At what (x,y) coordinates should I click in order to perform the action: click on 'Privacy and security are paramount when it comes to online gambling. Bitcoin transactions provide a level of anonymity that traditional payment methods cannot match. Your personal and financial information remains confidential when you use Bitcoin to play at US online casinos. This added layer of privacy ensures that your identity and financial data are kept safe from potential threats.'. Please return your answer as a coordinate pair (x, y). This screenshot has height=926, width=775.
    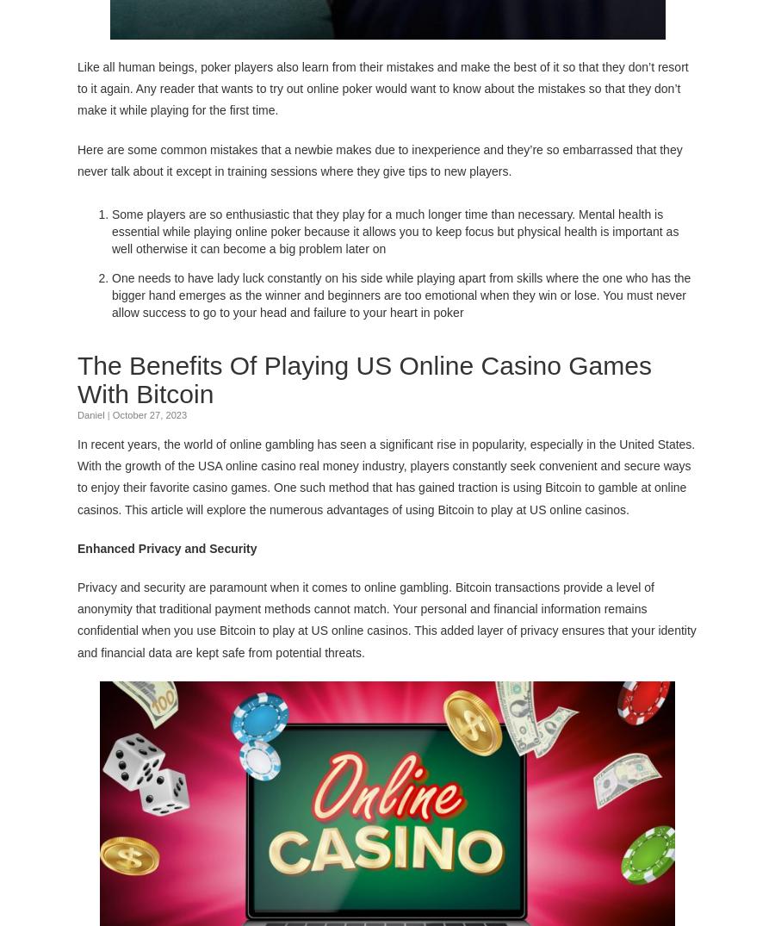
    Looking at the image, I should click on (387, 617).